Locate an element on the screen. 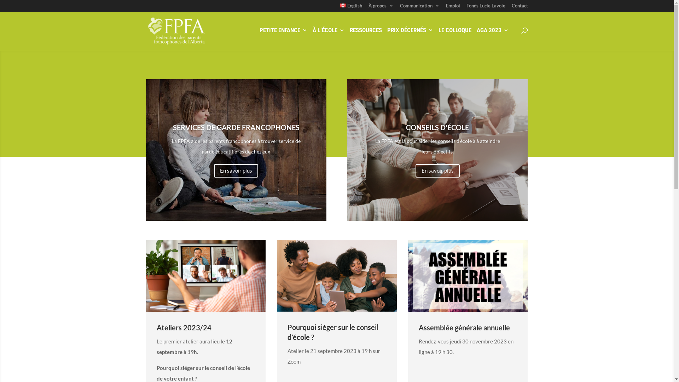 The height and width of the screenshot is (382, 679). 'English' is located at coordinates (340, 7).